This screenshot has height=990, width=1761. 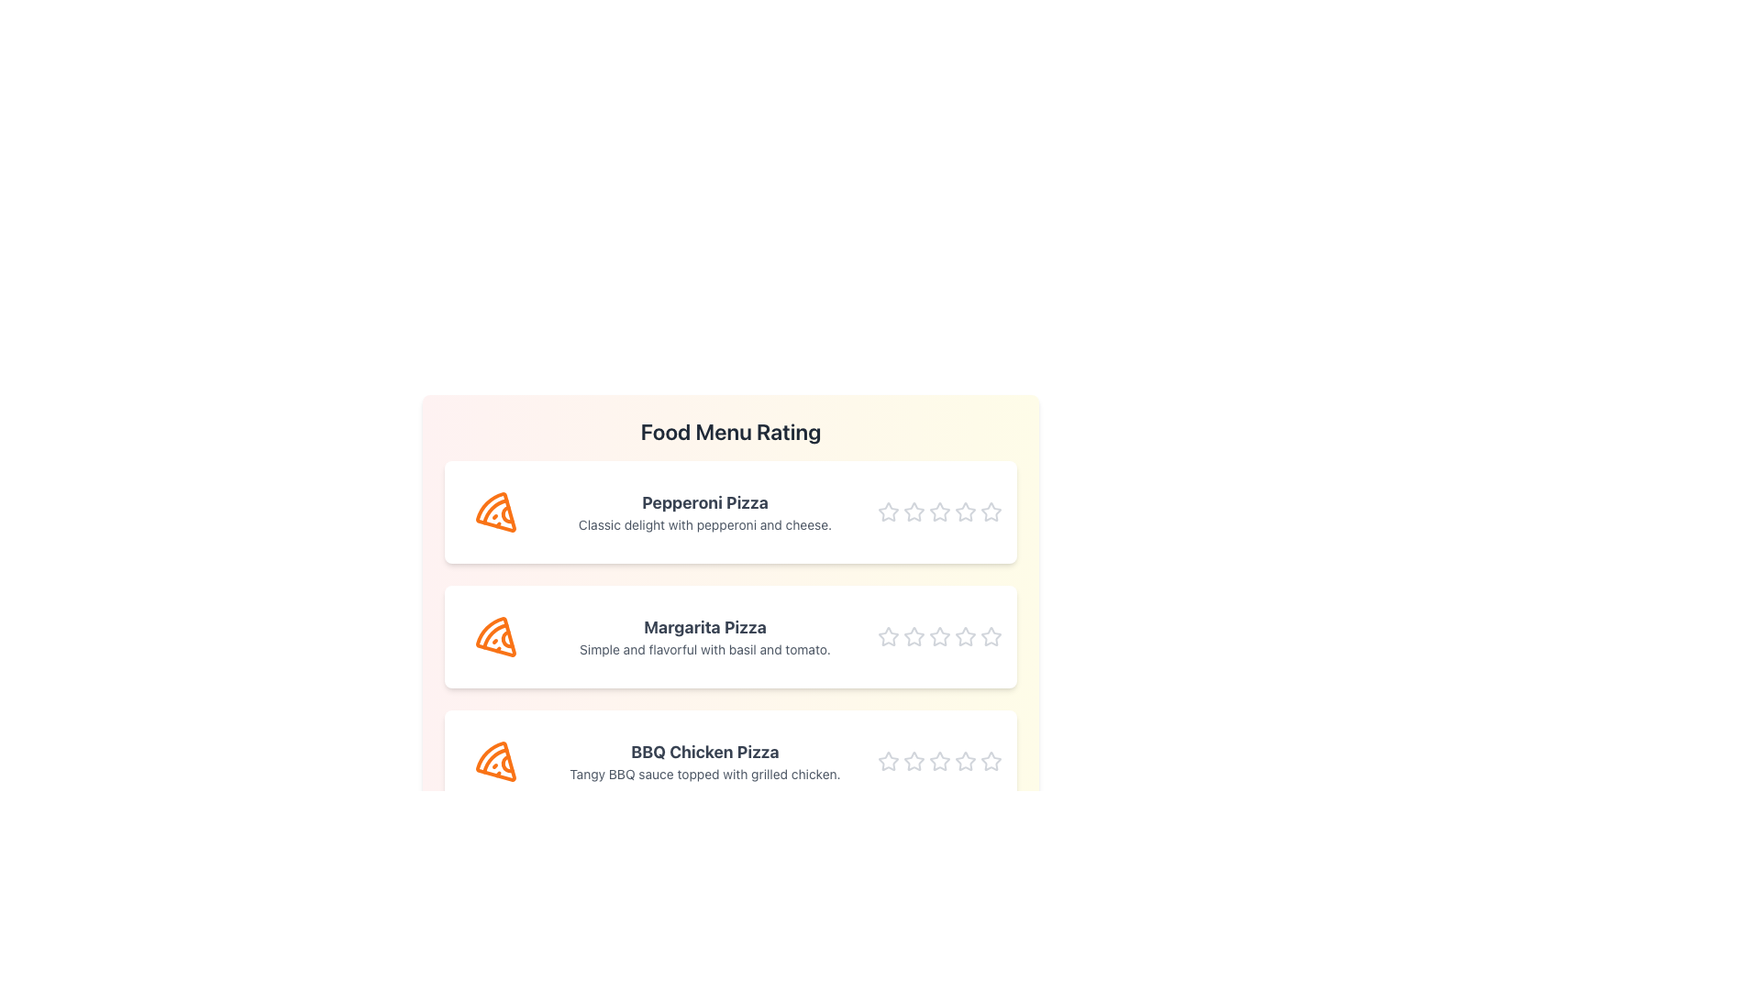 I want to click on the hollow star icon for rating corresponding to the 'BBQ Chicken Pizza' menu item, so click(x=889, y=761).